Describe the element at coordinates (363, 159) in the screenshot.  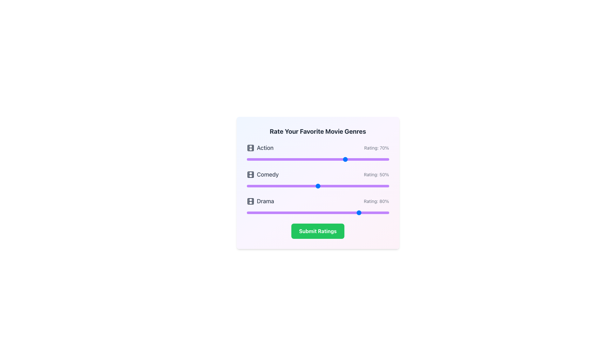
I see `the 'Action' movie genre rating` at that location.